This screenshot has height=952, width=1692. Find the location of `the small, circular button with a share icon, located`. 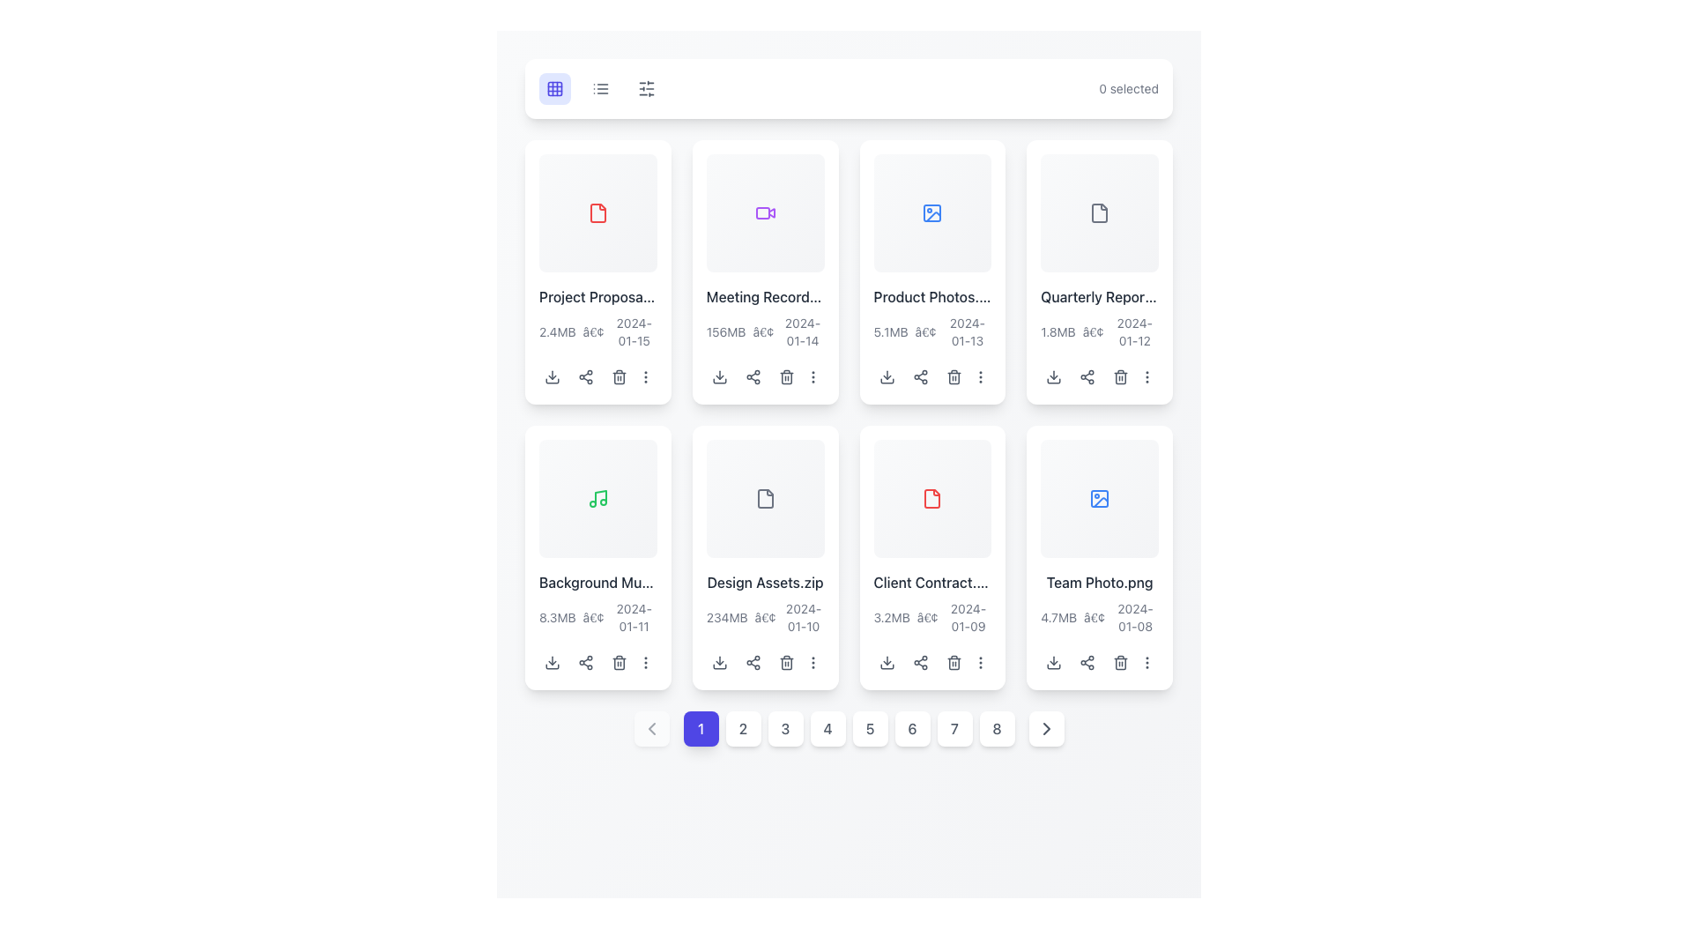

the small, circular button with a share icon, located is located at coordinates (753, 376).